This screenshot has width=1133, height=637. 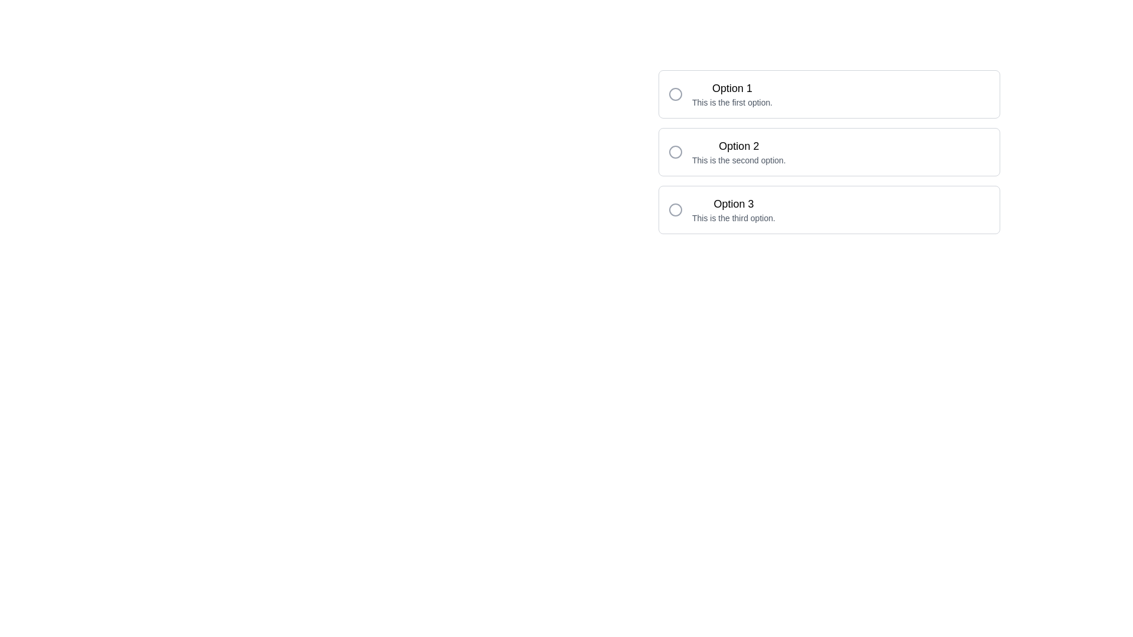 I want to click on the circular indicator icon located to the left of 'Option 3', so click(x=676, y=209).